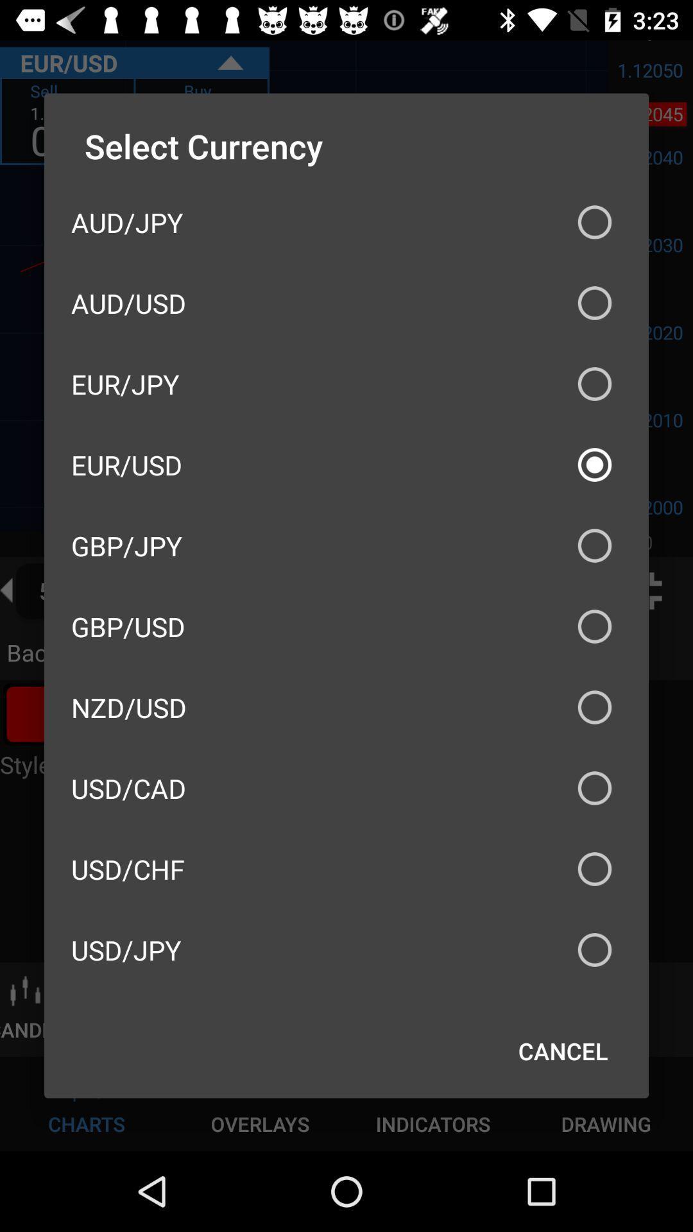  I want to click on cancel, so click(562, 1050).